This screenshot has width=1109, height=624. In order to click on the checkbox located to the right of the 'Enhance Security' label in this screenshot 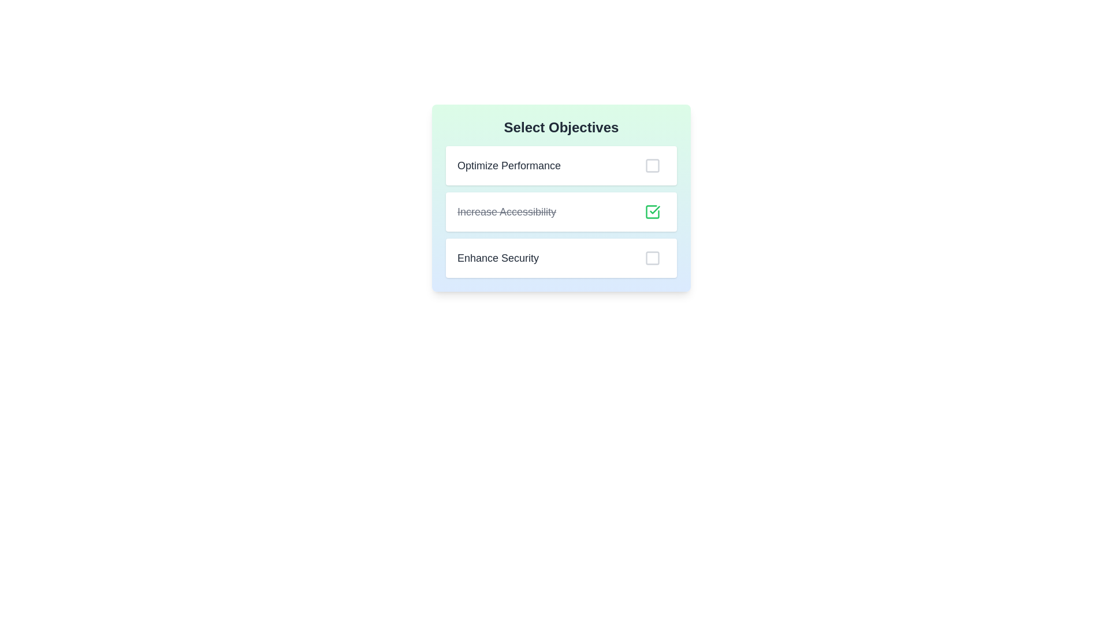, I will do `click(652, 258)`.